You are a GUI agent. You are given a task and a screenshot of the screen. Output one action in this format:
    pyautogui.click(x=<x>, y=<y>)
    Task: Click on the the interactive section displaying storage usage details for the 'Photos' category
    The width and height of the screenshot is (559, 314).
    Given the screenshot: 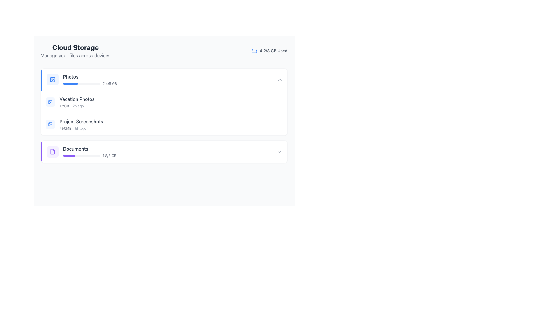 What is the action you would take?
    pyautogui.click(x=164, y=79)
    